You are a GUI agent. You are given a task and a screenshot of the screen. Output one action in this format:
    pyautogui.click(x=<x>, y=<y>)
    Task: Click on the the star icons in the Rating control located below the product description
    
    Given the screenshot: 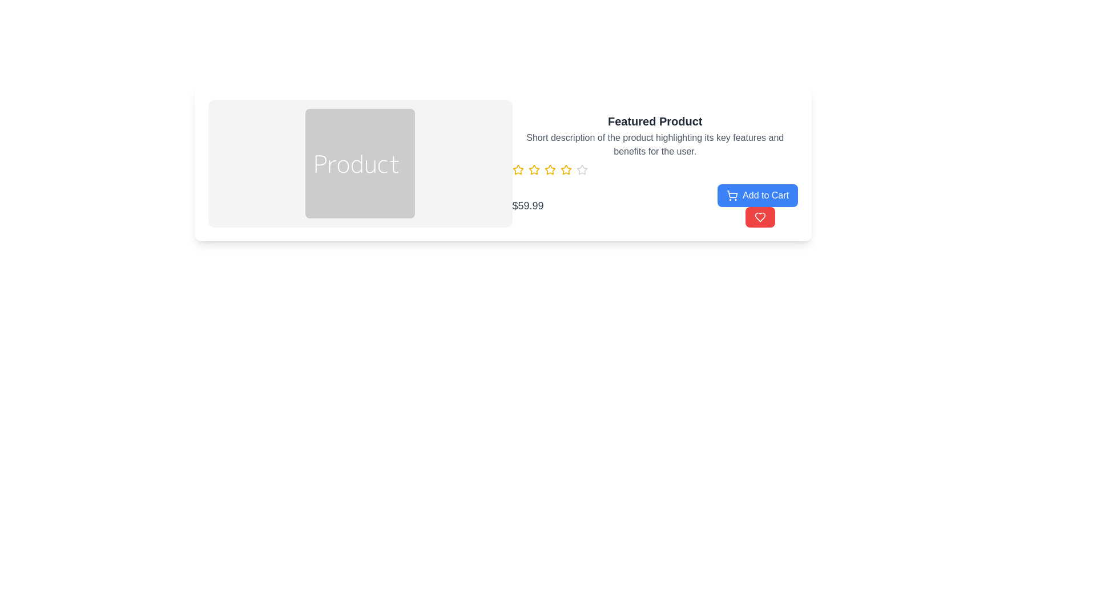 What is the action you would take?
    pyautogui.click(x=655, y=170)
    